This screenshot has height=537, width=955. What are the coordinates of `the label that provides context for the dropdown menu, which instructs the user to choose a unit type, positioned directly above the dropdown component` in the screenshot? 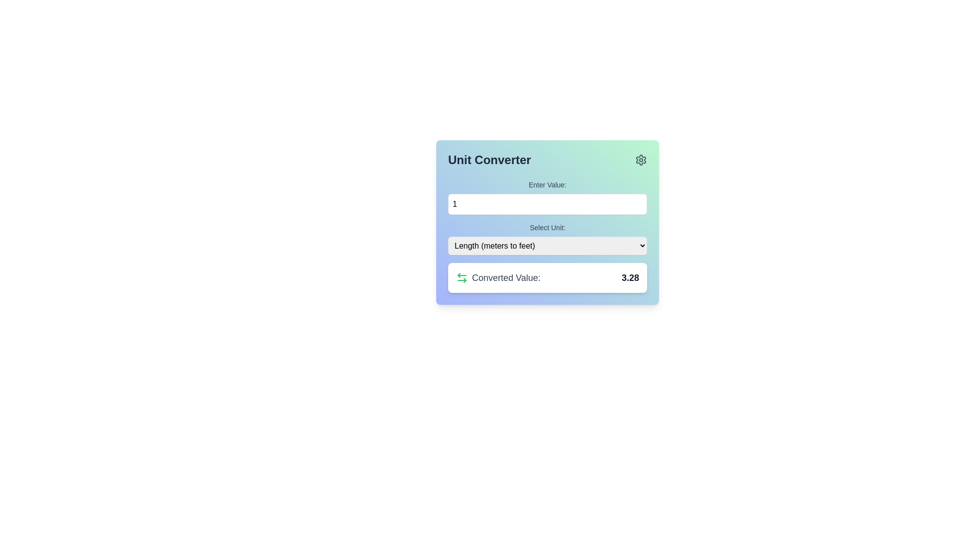 It's located at (547, 228).